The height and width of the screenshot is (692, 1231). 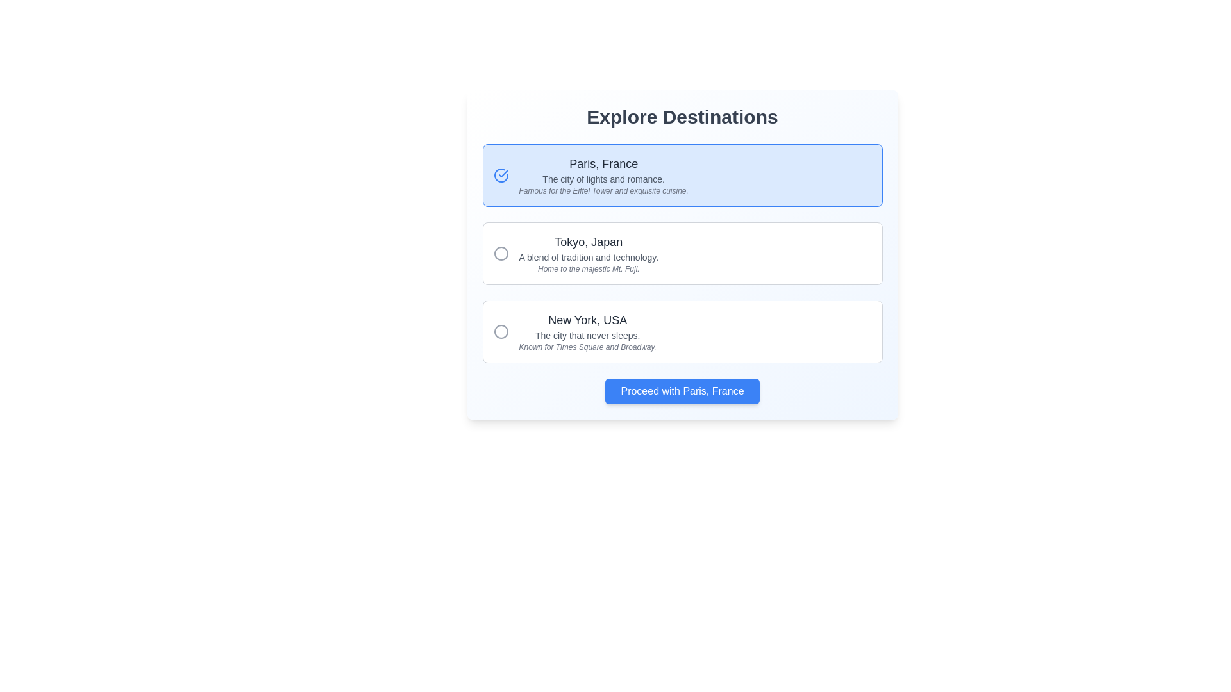 I want to click on the text block displaying 'Paris, France', which includes descriptive lines about the city, located within a light blue card layout, so click(x=603, y=175).